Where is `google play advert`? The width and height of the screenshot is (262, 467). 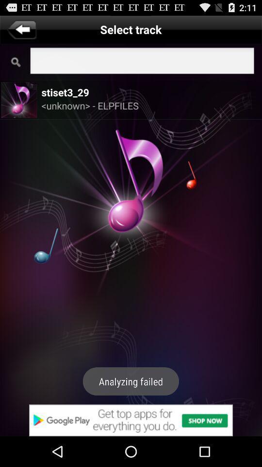 google play advert is located at coordinates (131, 420).